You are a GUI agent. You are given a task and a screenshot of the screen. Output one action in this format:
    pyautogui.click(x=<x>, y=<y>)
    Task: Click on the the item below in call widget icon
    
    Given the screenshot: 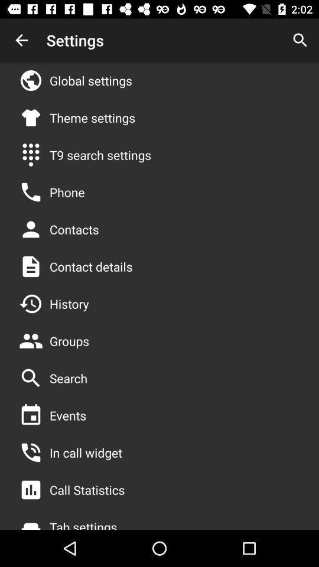 What is the action you would take?
    pyautogui.click(x=86, y=490)
    